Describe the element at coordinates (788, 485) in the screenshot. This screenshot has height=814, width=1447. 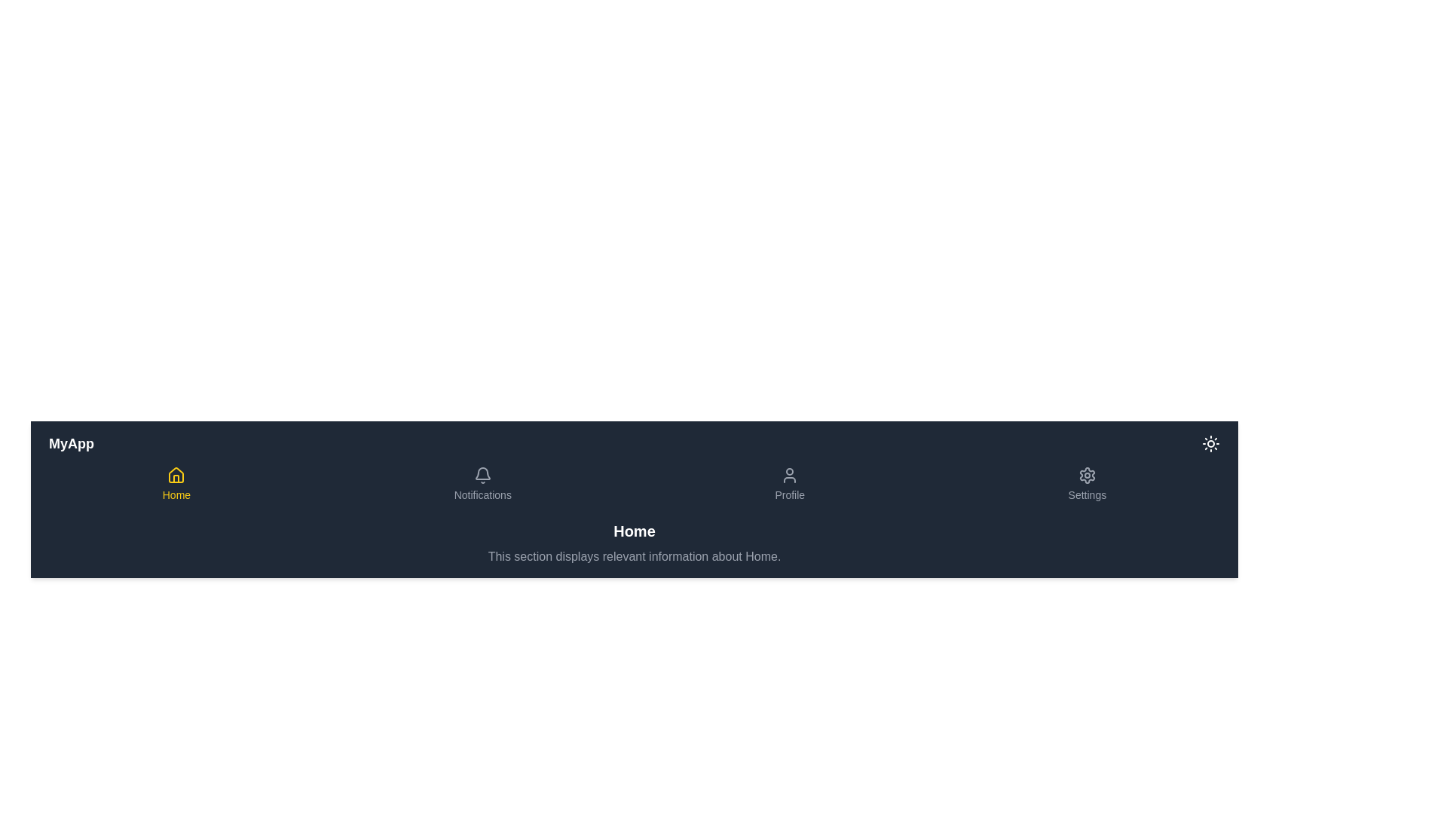
I see `the Profile tab by clicking on its button` at that location.